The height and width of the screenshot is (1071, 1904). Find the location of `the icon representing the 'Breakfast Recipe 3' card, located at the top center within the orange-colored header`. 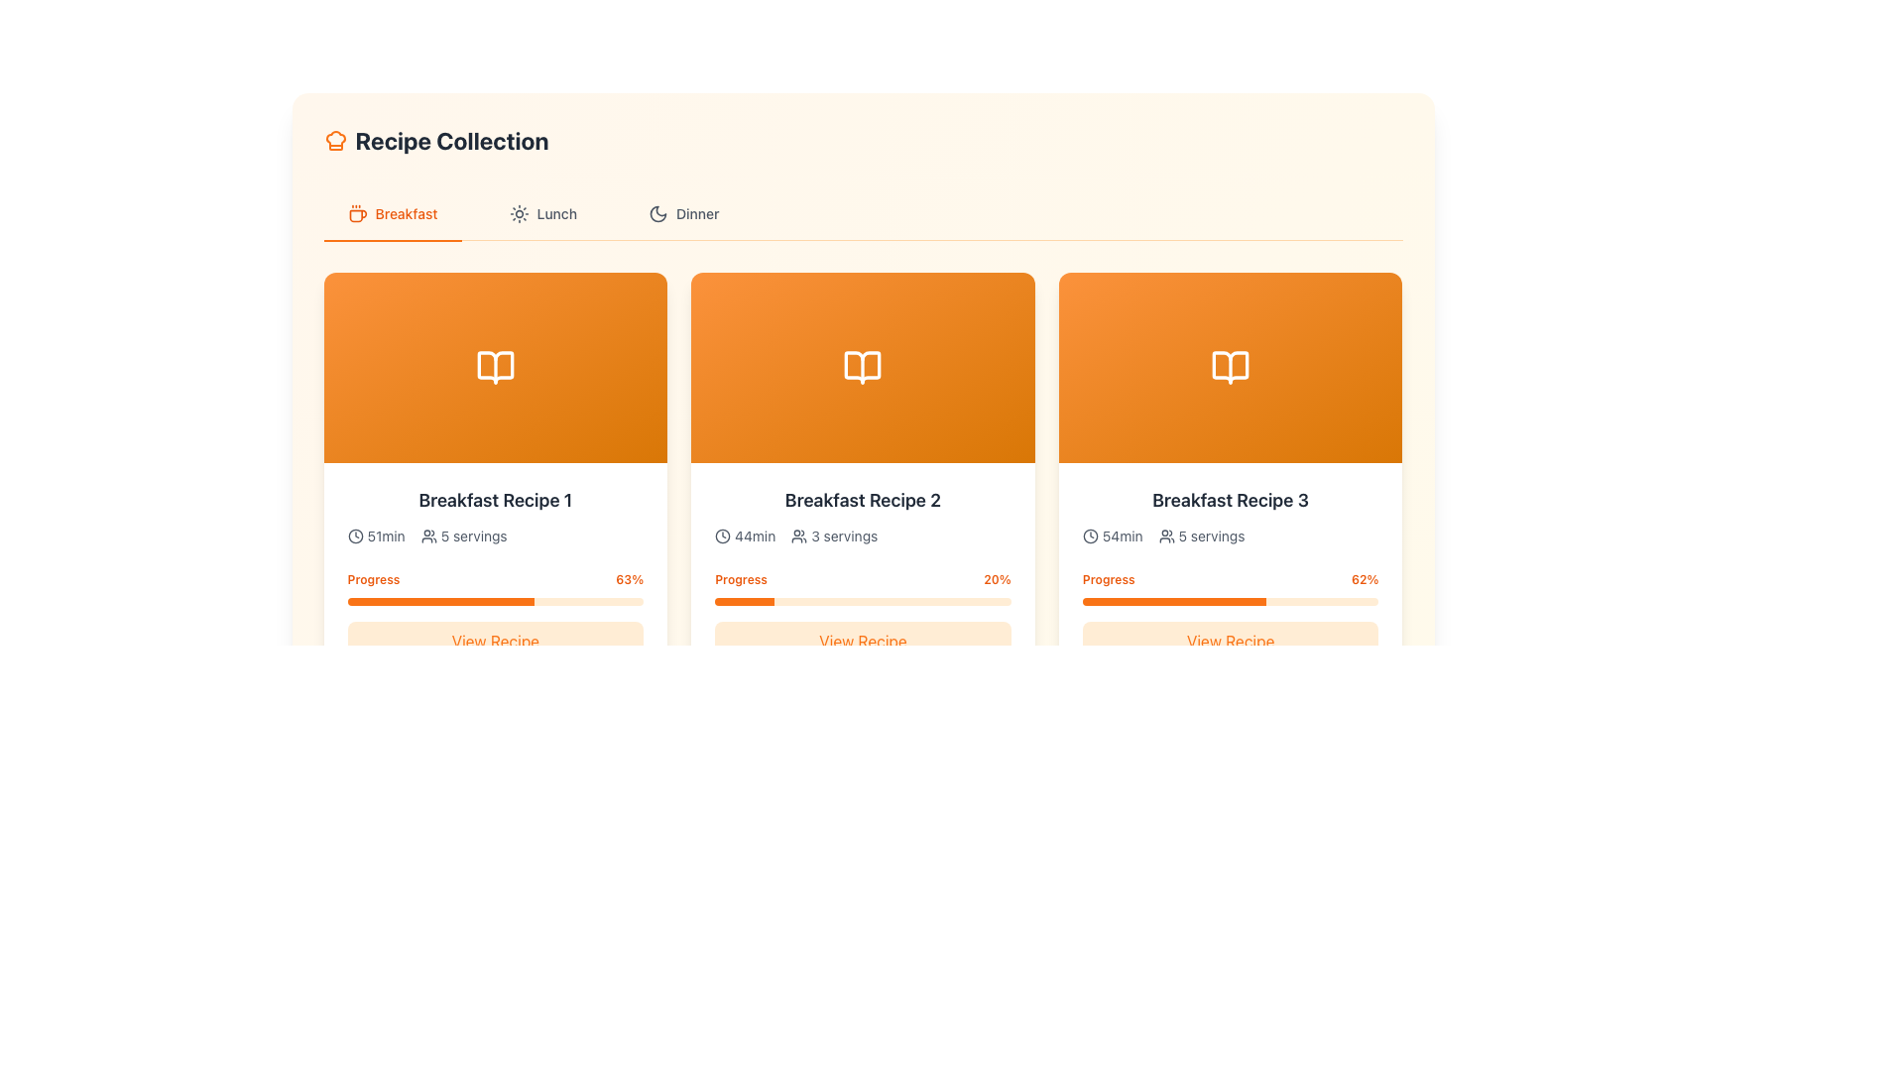

the icon representing the 'Breakfast Recipe 3' card, located at the top center within the orange-colored header is located at coordinates (1230, 367).